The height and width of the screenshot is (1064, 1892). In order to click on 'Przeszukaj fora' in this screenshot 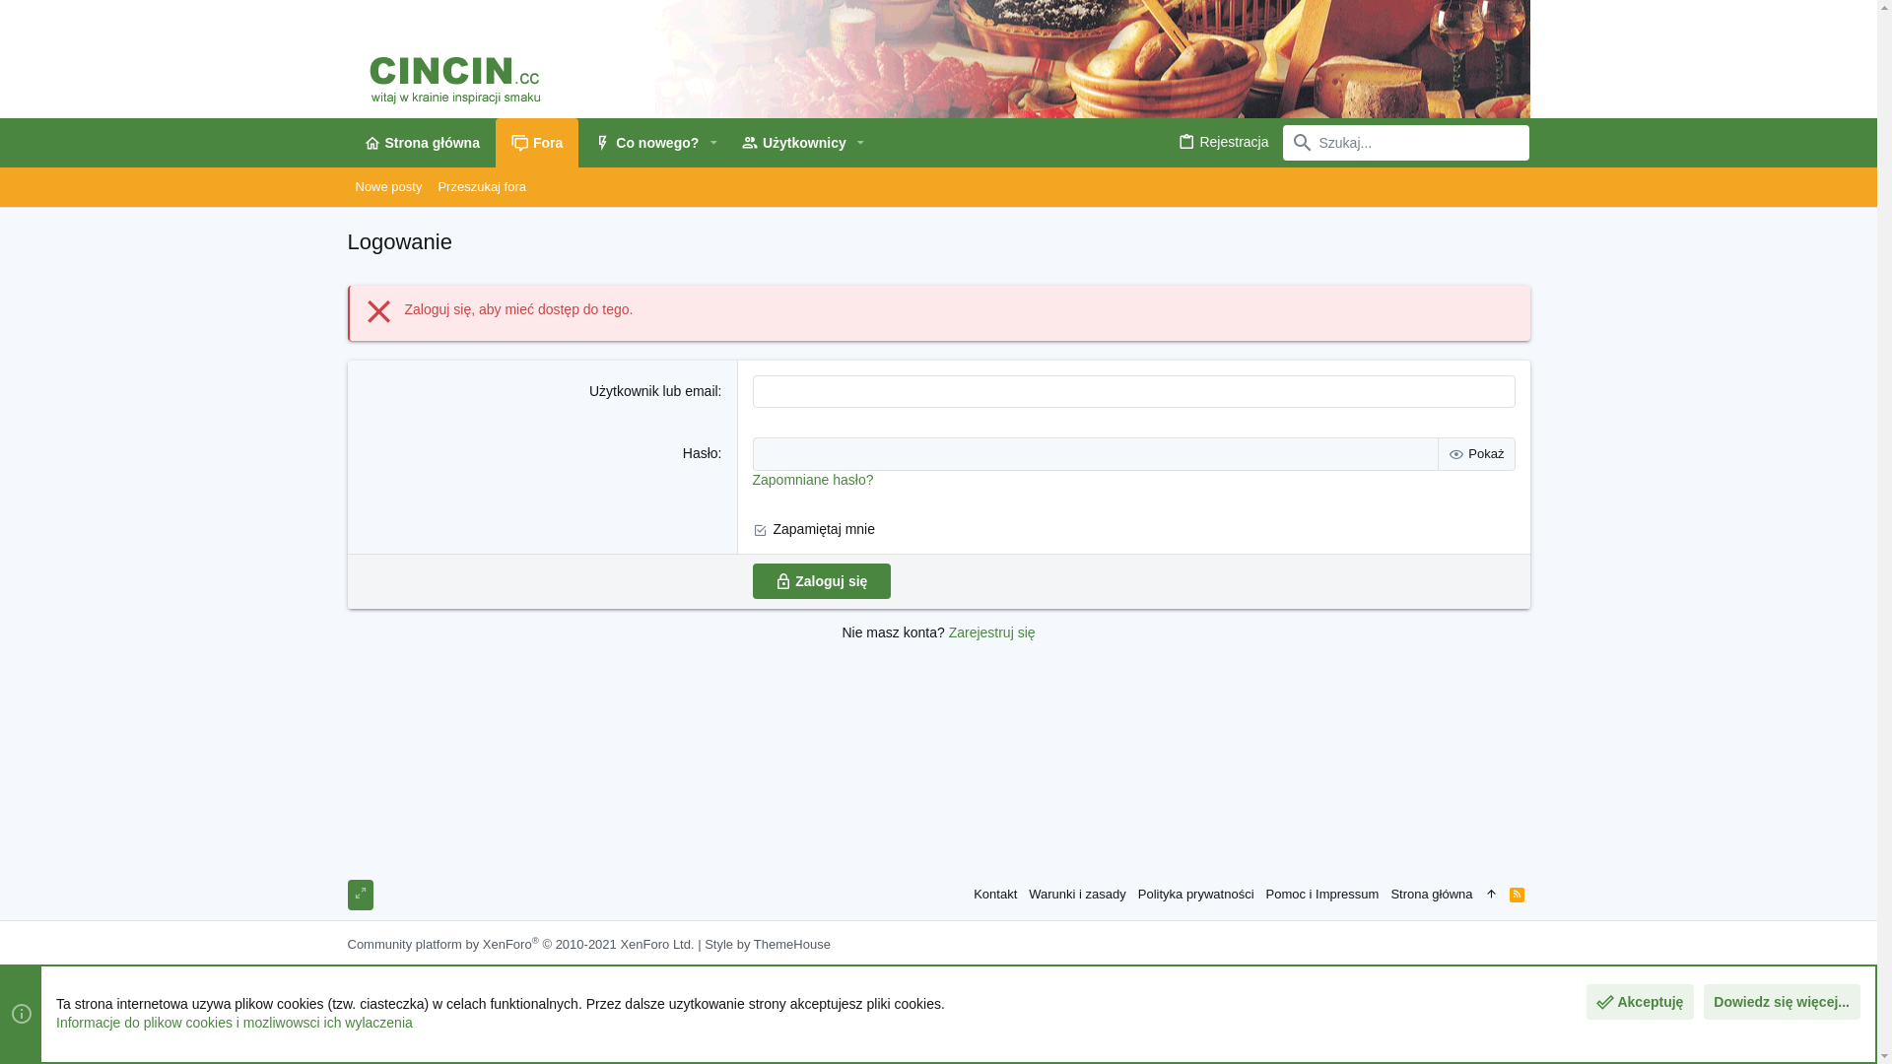, I will do `click(482, 186)`.